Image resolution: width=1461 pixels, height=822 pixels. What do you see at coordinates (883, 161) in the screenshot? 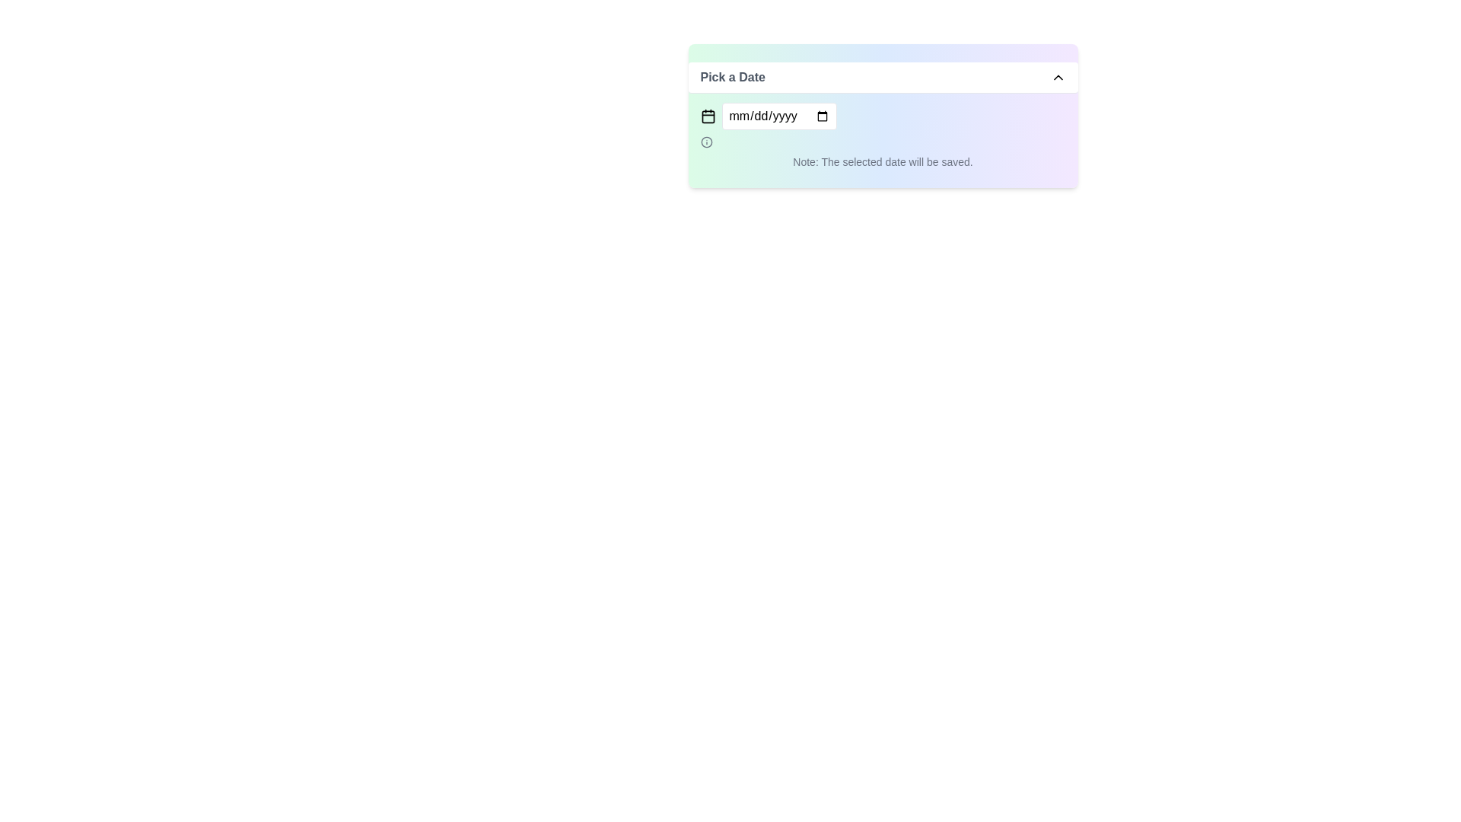
I see `informational text block located at the bottom of the date selection input area, which indicates that the selected date will be stored or utilized` at bounding box center [883, 161].